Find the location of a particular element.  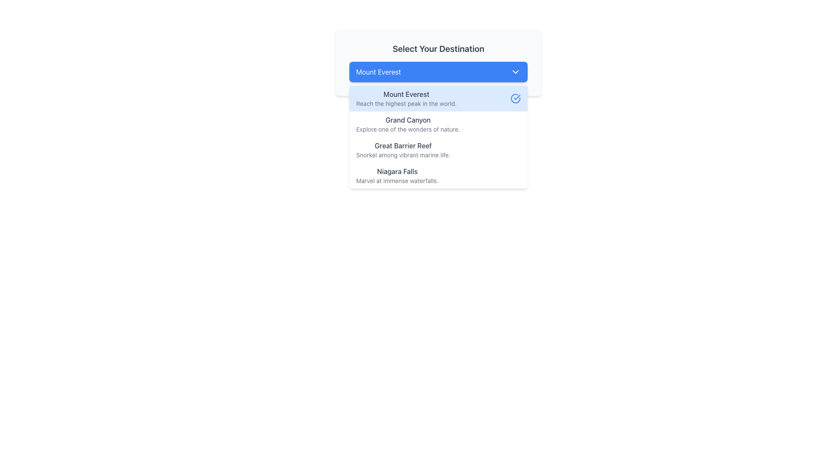

the blue circular Checkmark Icon located on the right side of the 'Mount Everest Reach the highest peak in the world.' dropdown menu entry is located at coordinates (515, 98).